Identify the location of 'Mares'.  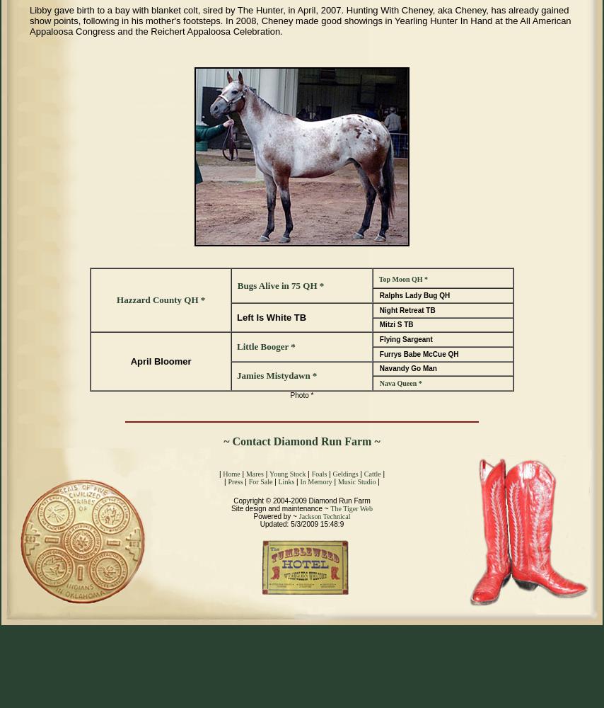
(254, 474).